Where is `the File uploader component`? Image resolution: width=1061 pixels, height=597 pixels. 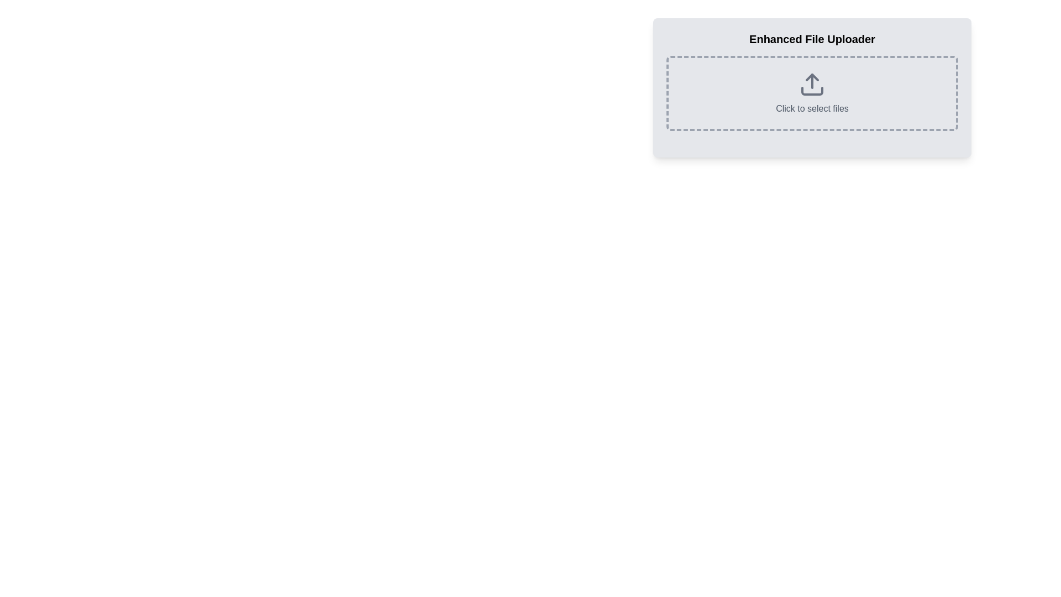 the File uploader component is located at coordinates (812, 87).